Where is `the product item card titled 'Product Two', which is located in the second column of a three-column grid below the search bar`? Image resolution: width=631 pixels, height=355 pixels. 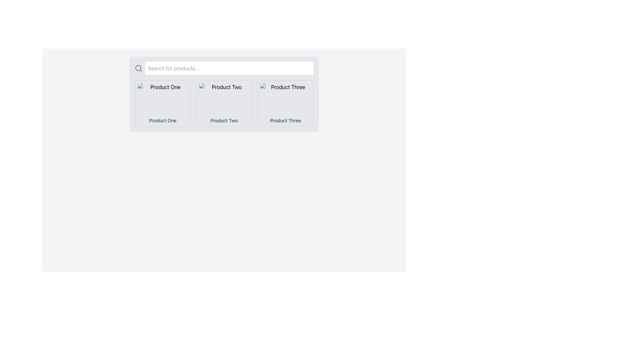
the product item card titled 'Product Two', which is located in the second column of a three-column grid below the search bar is located at coordinates (224, 94).